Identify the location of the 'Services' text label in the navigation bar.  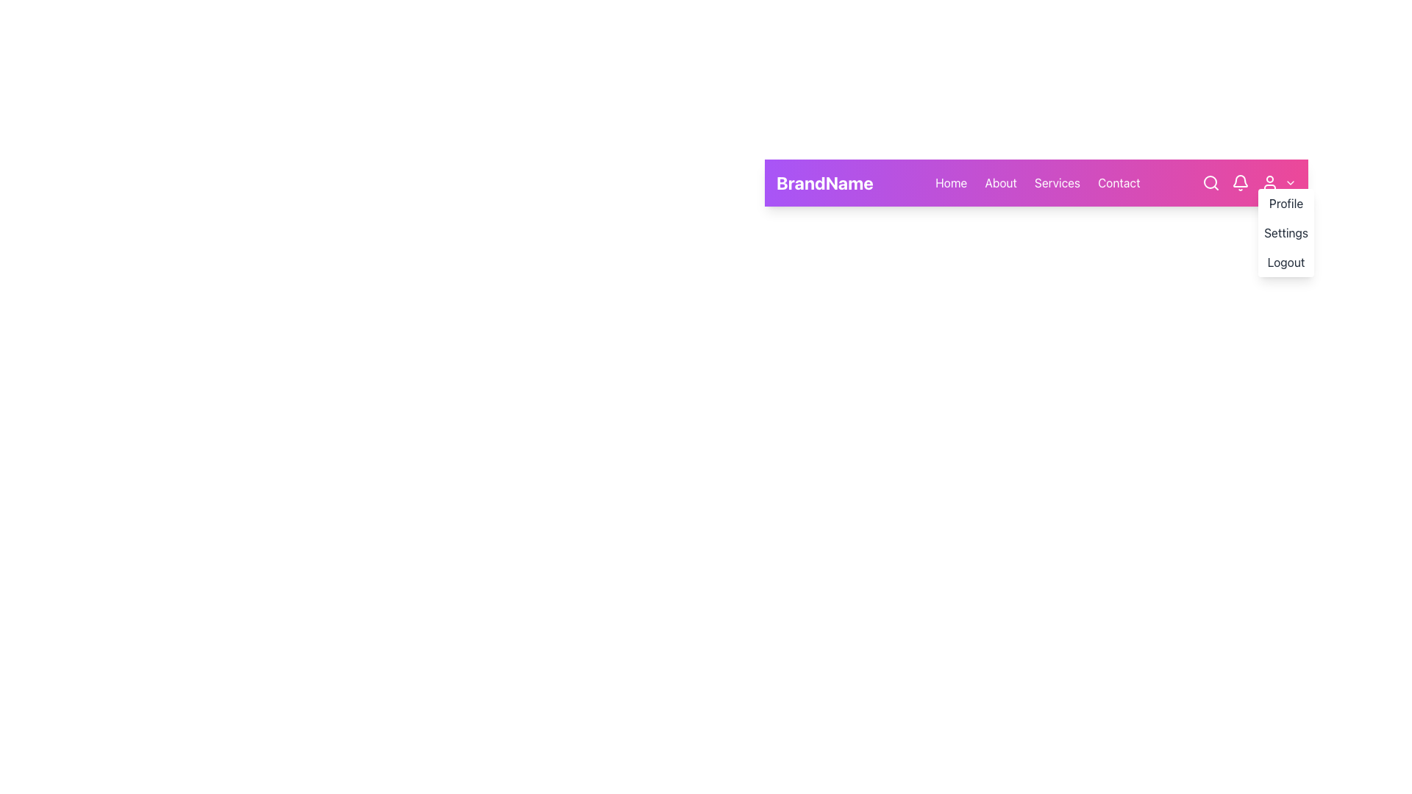
(1035, 182).